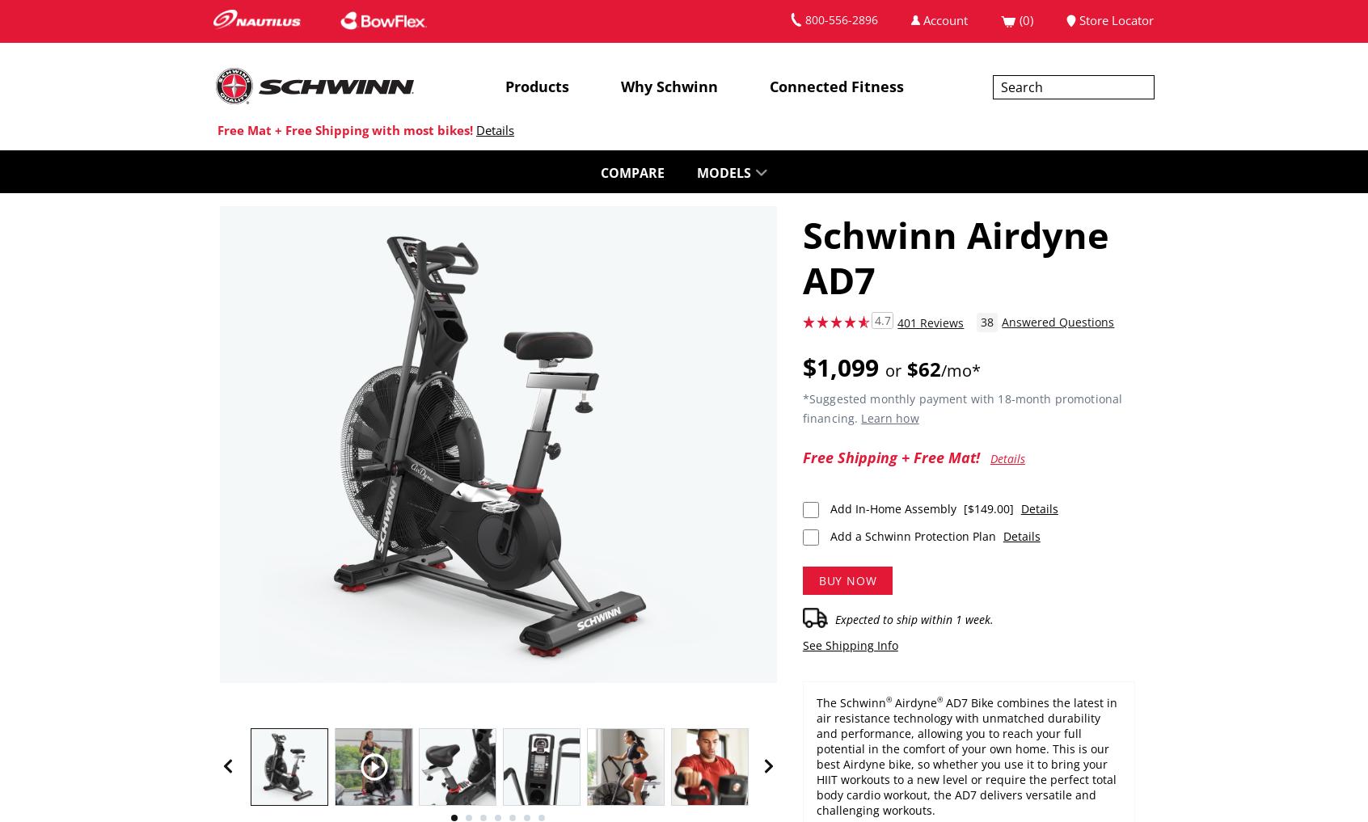  Describe the element at coordinates (849, 702) in the screenshot. I see `'The Schwinn'` at that location.